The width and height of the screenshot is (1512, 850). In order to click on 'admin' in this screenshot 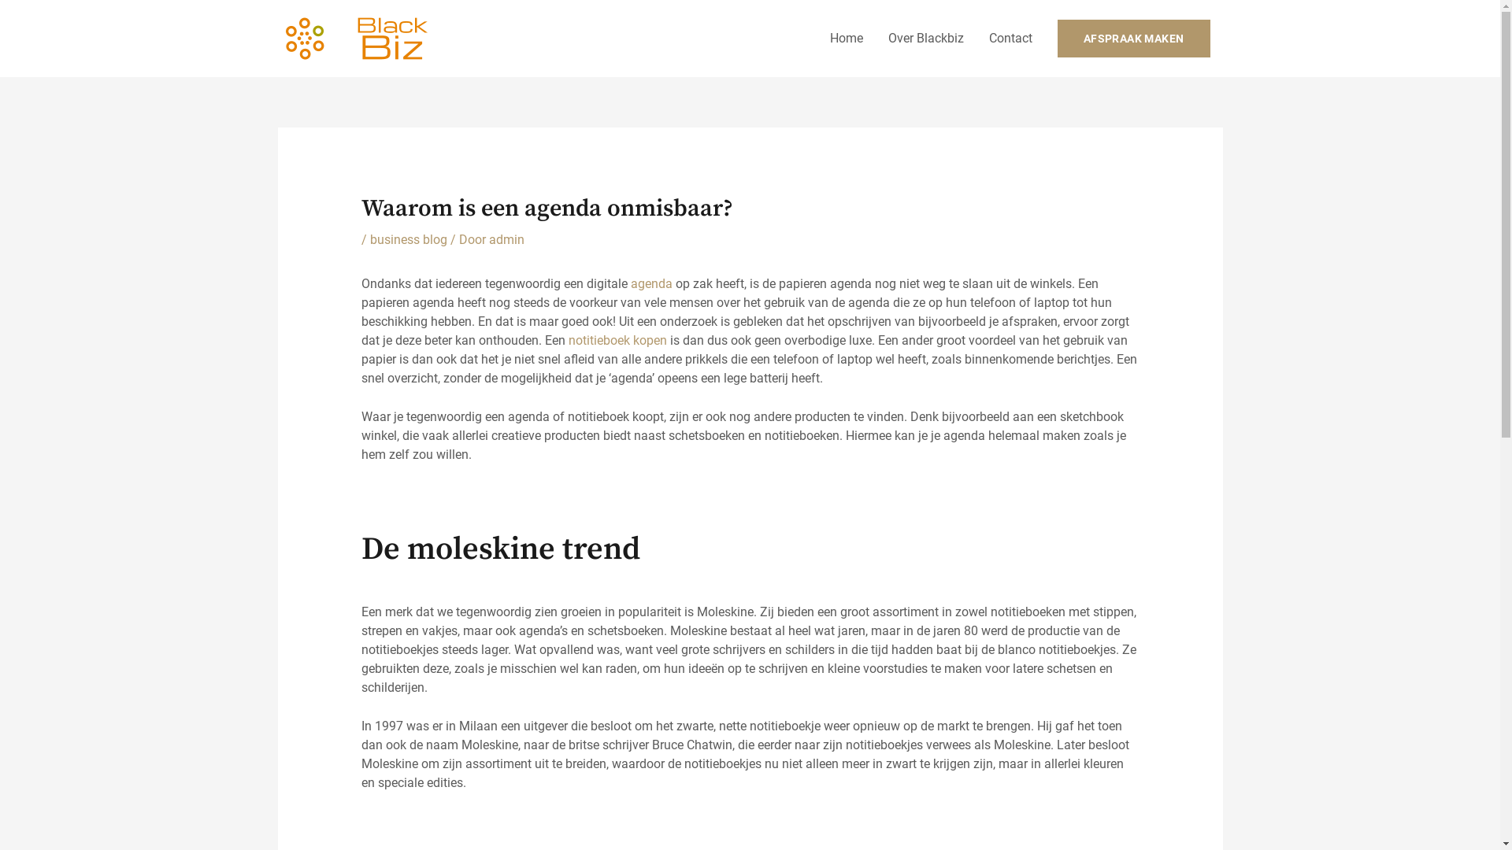, I will do `click(506, 239)`.